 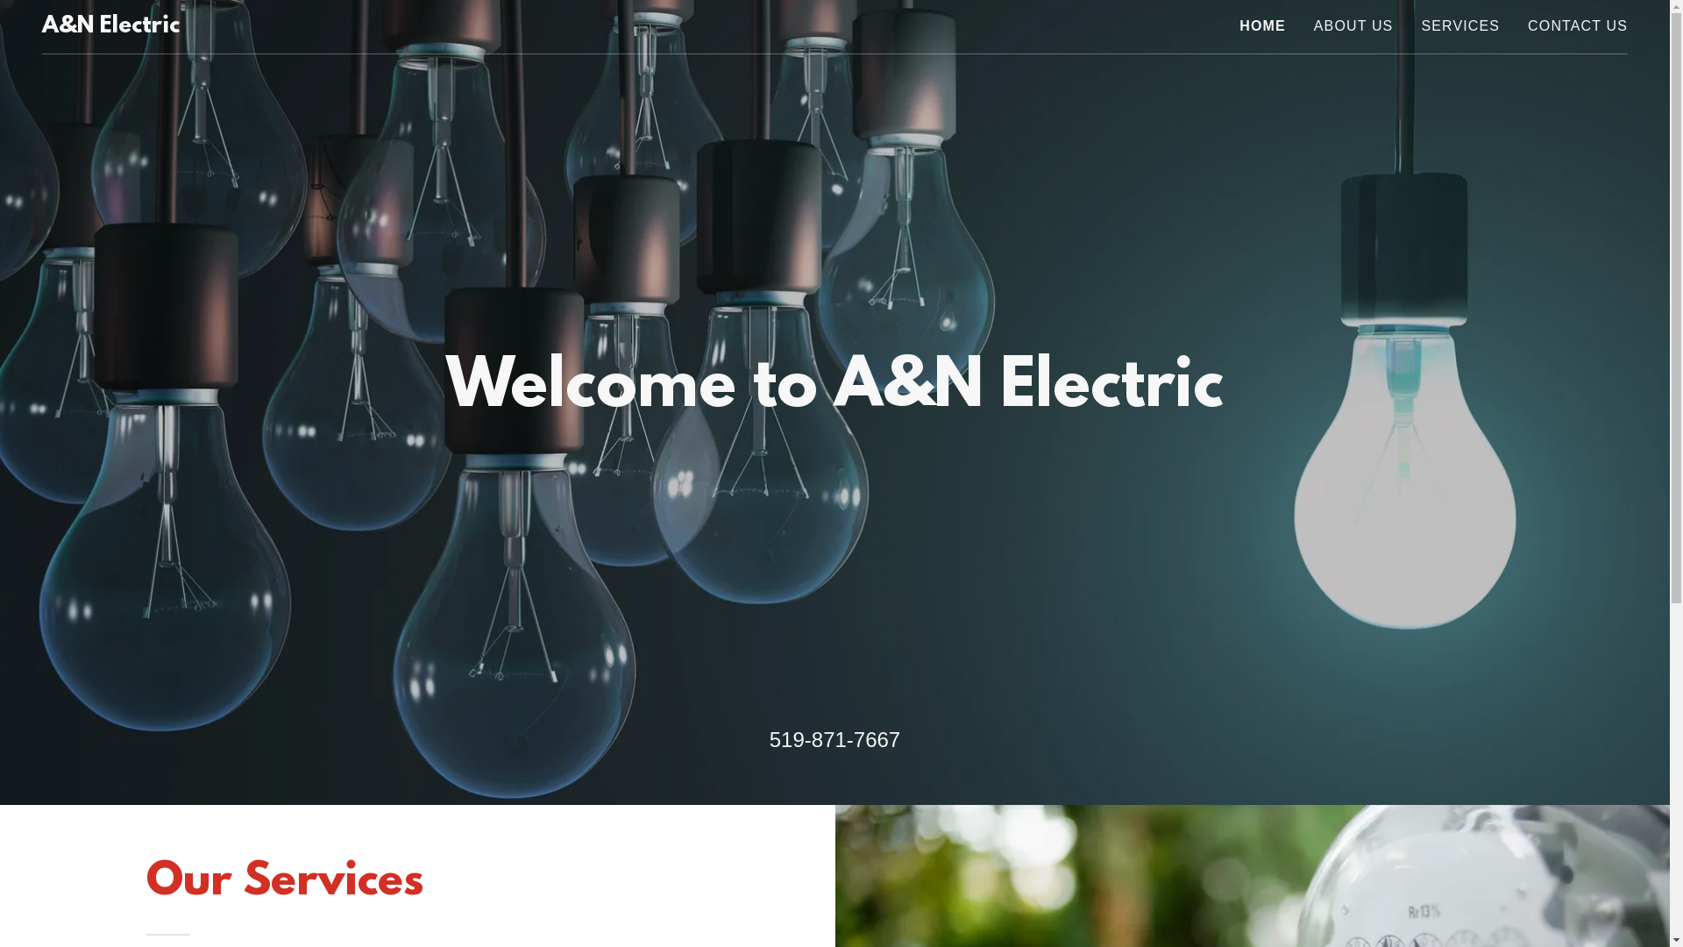 I want to click on 'SERVICES', so click(x=1459, y=26).